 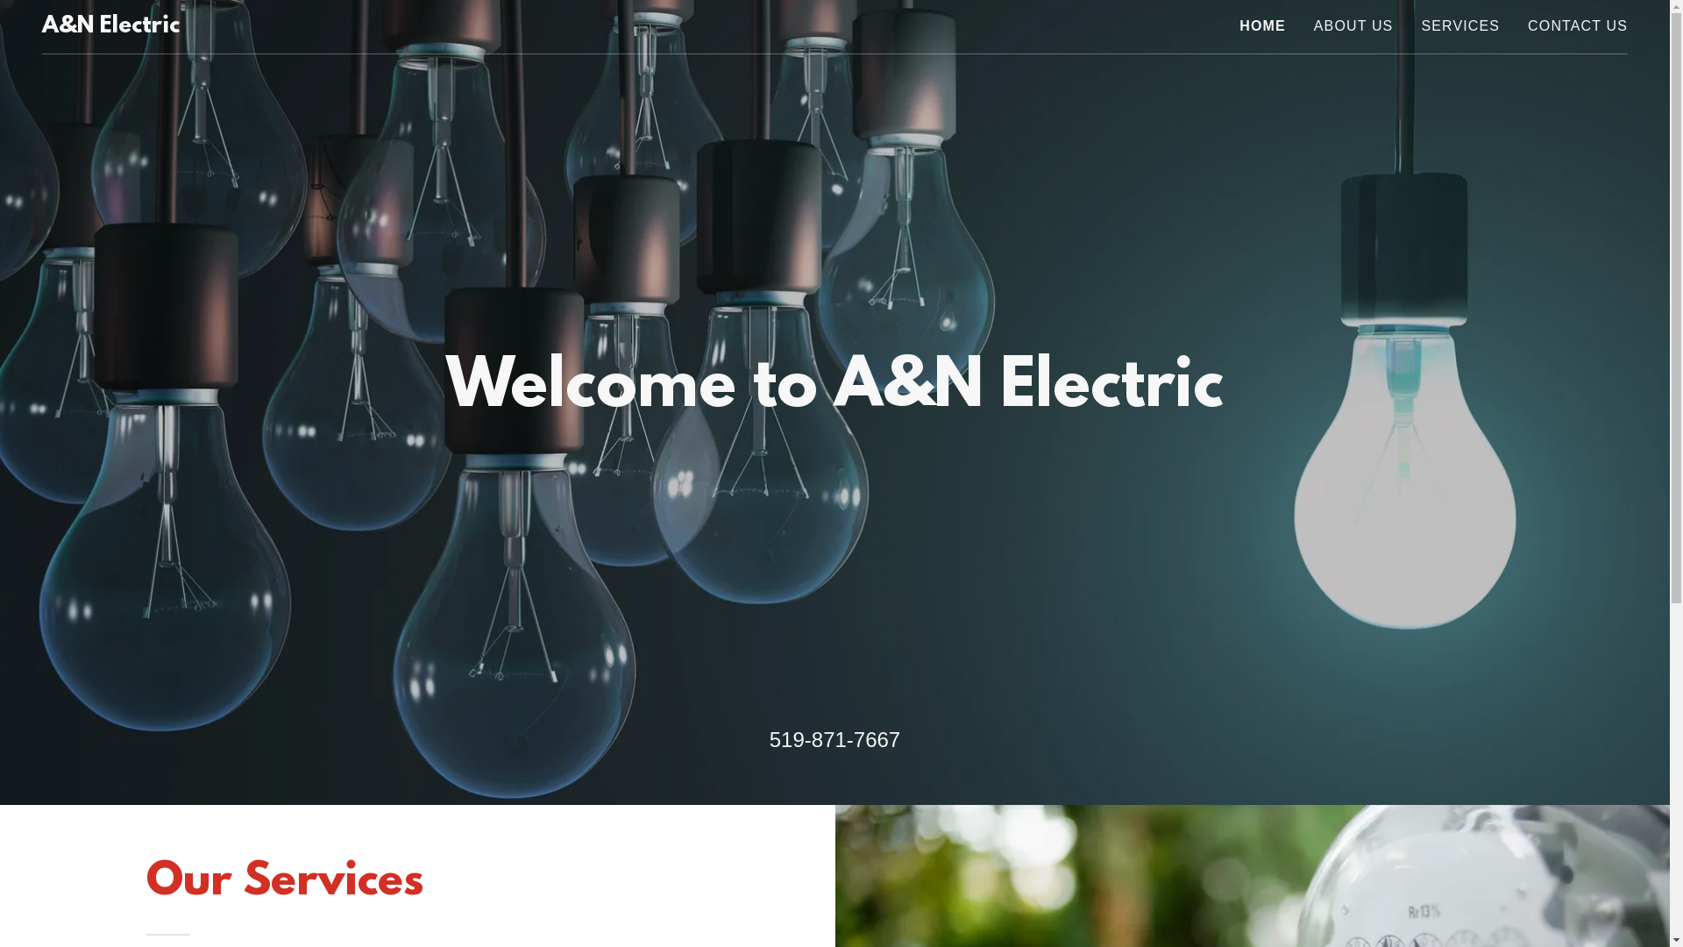 I want to click on 'SERVICES', so click(x=1459, y=26).